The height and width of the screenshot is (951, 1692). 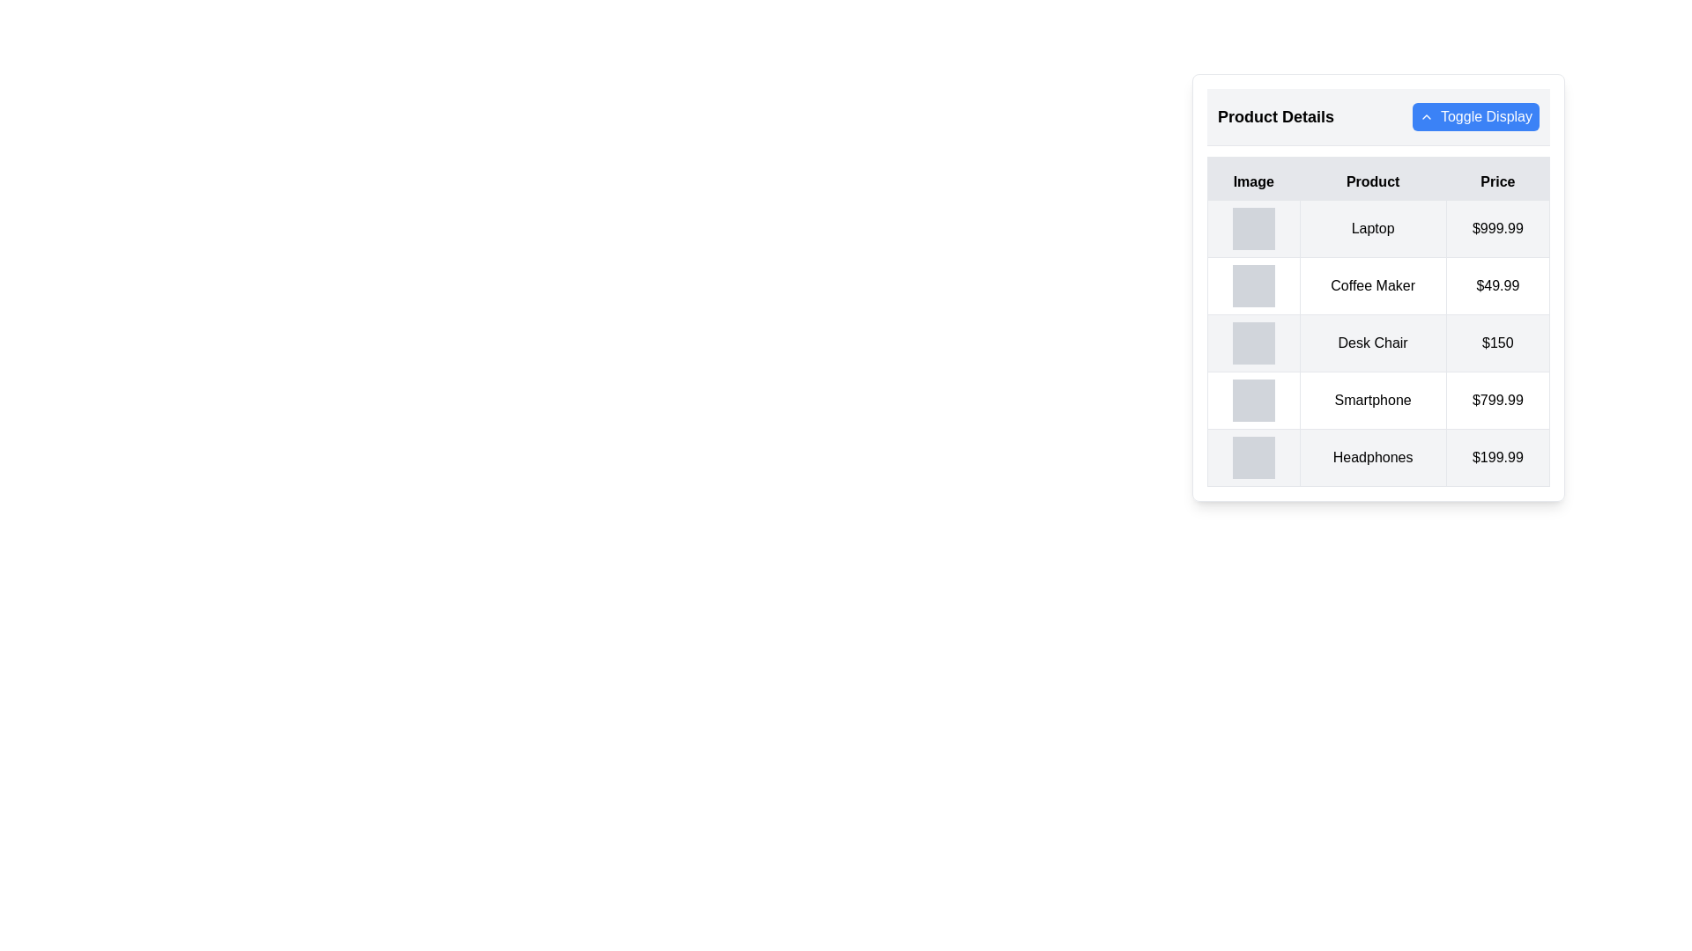 What do you see at coordinates (1372, 284) in the screenshot?
I see `the text label displaying 'Coffee Maker' in the second row and second column of the table` at bounding box center [1372, 284].